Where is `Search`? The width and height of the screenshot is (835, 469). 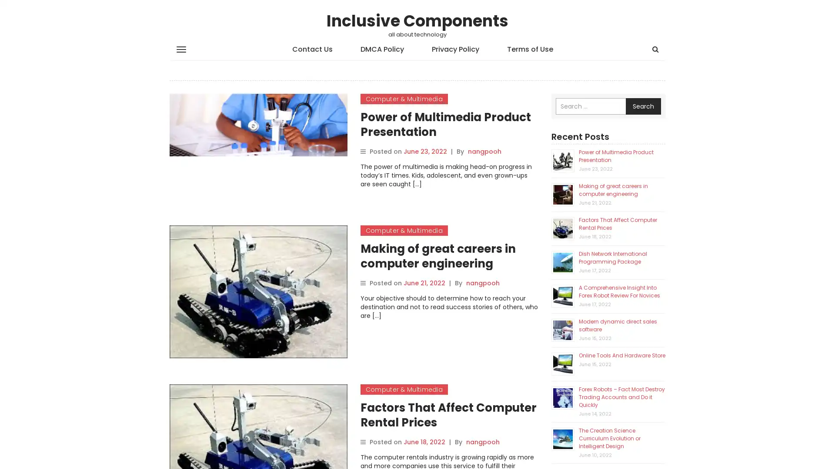 Search is located at coordinates (643, 106).